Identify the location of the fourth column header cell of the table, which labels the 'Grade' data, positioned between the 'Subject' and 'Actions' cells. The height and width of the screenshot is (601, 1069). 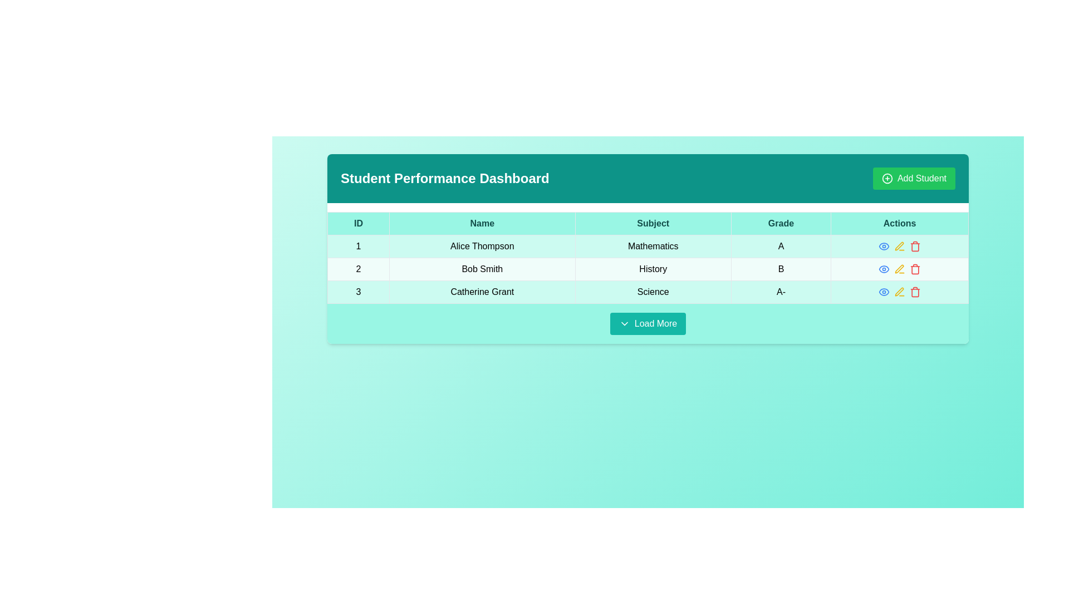
(780, 223).